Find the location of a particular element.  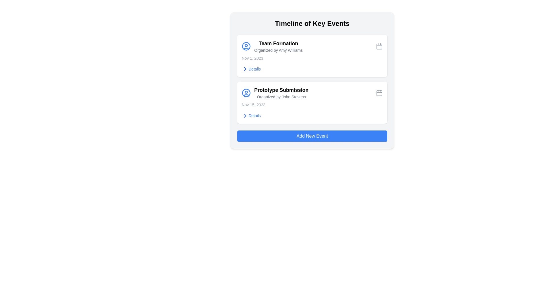

the text label displaying the date 'Nov 1, 2023', which is styled in light gray and positioned below 'Organized by Amy Williams' in the event timeline is located at coordinates (252, 58).